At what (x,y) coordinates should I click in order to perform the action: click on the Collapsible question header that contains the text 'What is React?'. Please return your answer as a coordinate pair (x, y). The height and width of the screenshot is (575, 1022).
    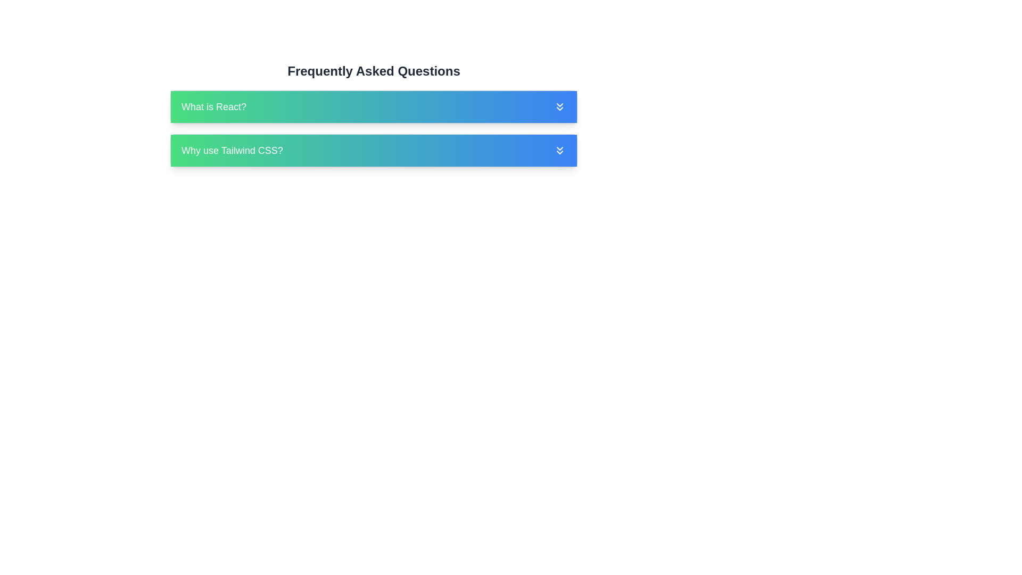
    Looking at the image, I should click on (374, 106).